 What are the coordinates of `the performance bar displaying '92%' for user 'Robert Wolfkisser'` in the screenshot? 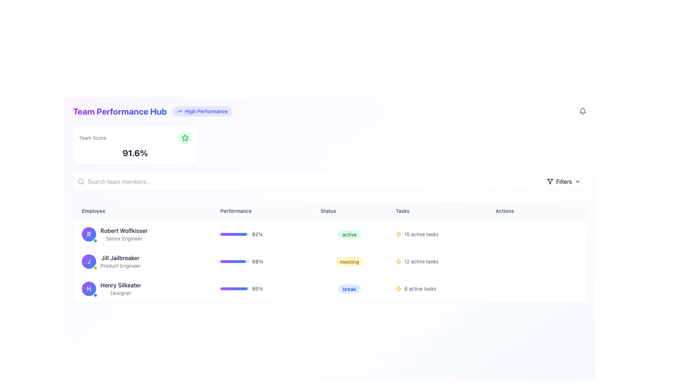 It's located at (261, 234).